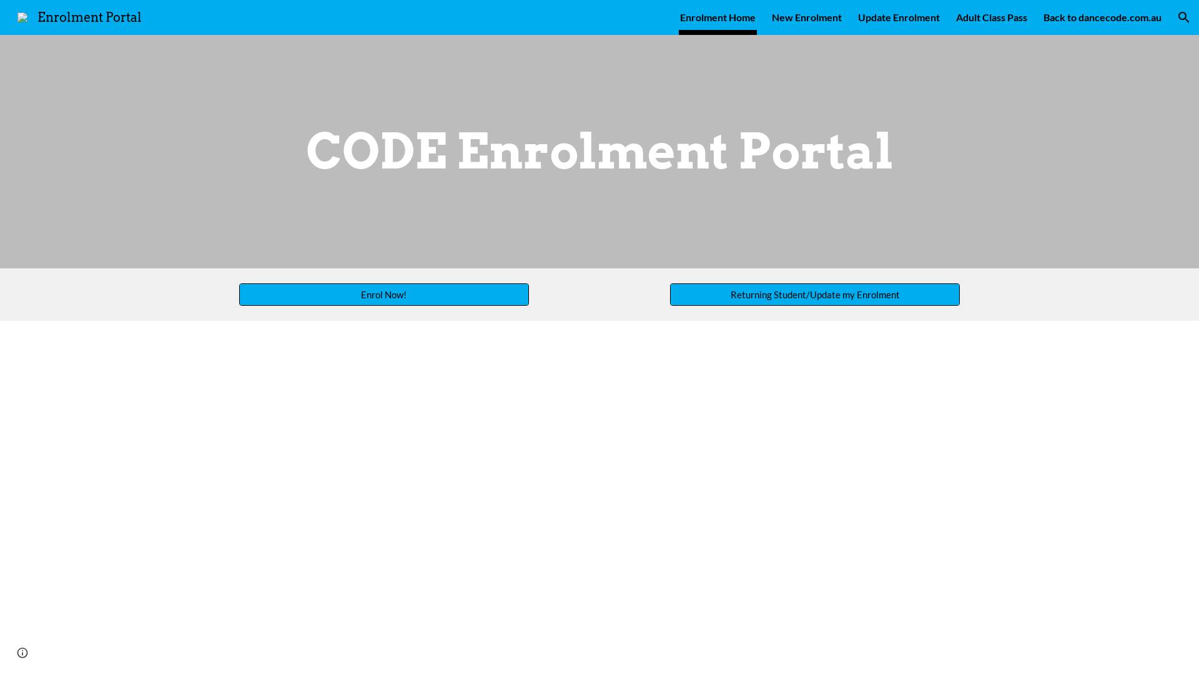 The image size is (1199, 674). I want to click on 'Update Enrolment', so click(898, 17).